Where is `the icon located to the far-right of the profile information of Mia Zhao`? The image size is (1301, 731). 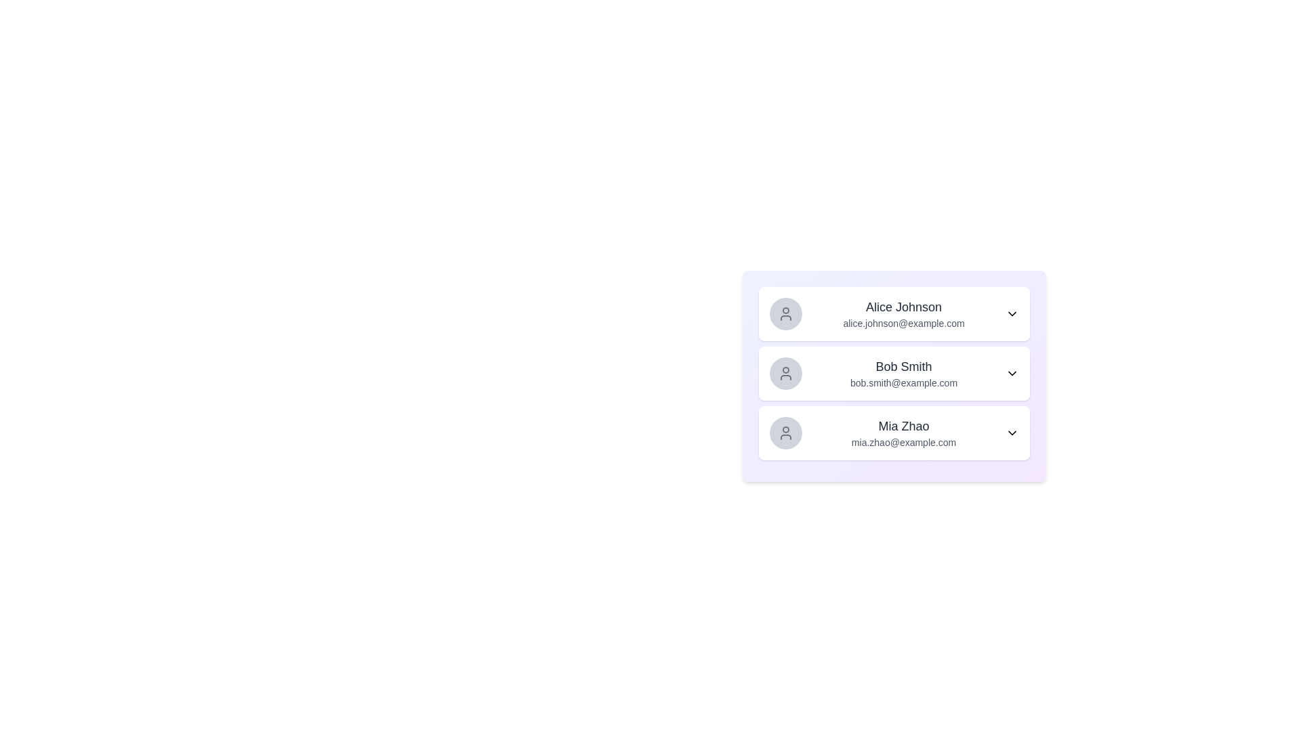
the icon located to the far-right of the profile information of Mia Zhao is located at coordinates (1012, 433).